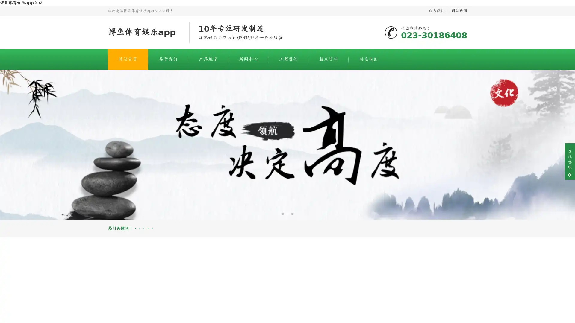 The height and width of the screenshot is (323, 575). What do you see at coordinates (292, 213) in the screenshot?
I see `Go to slide 3` at bounding box center [292, 213].